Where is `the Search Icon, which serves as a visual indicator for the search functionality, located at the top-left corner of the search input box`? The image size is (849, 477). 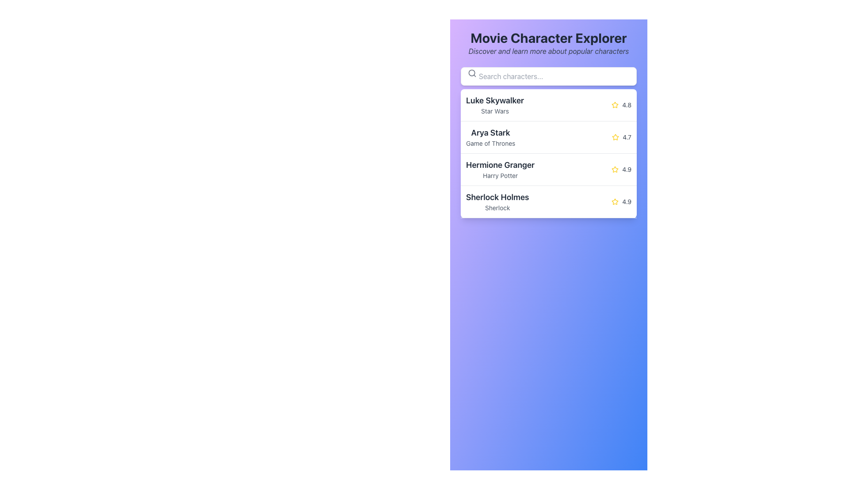
the Search Icon, which serves as a visual indicator for the search functionality, located at the top-left corner of the search input box is located at coordinates (472, 72).